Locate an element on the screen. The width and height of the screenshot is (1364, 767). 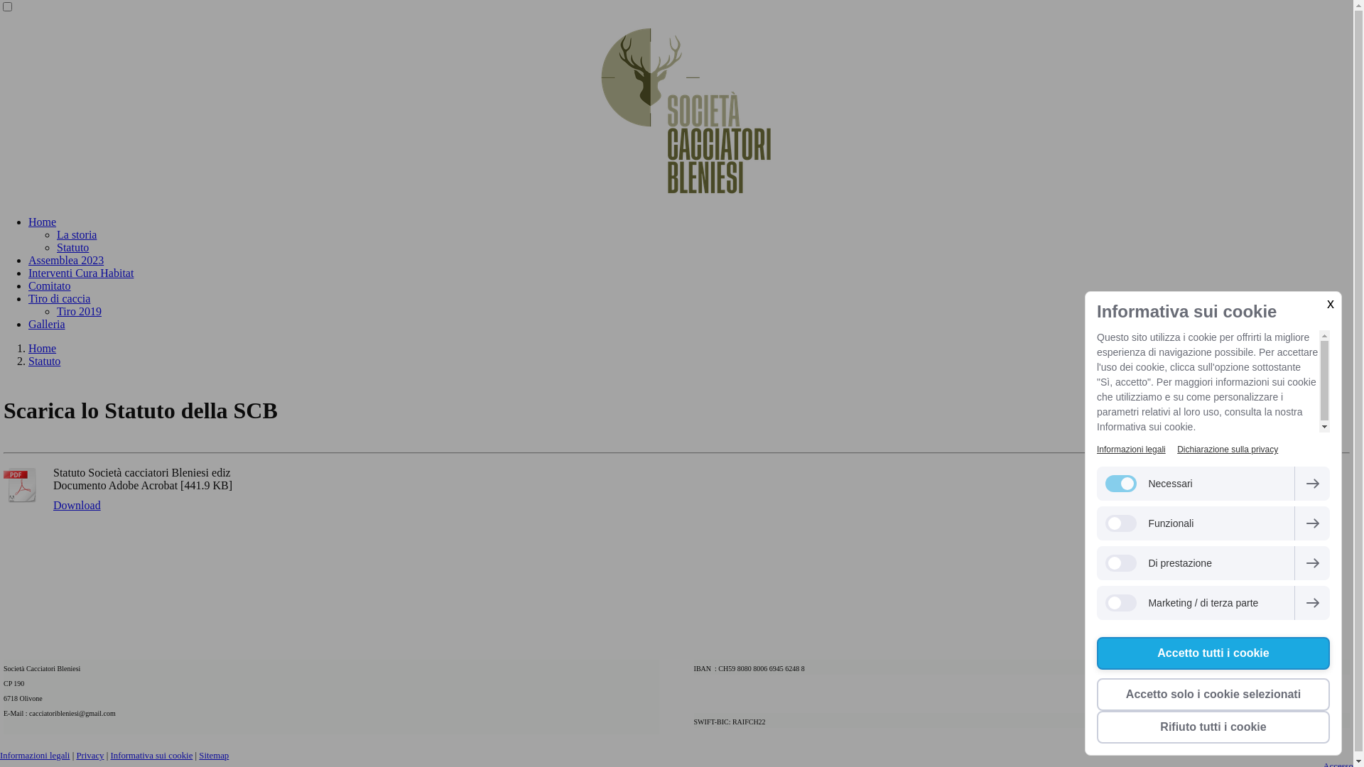
'Privacy' is located at coordinates (89, 755).